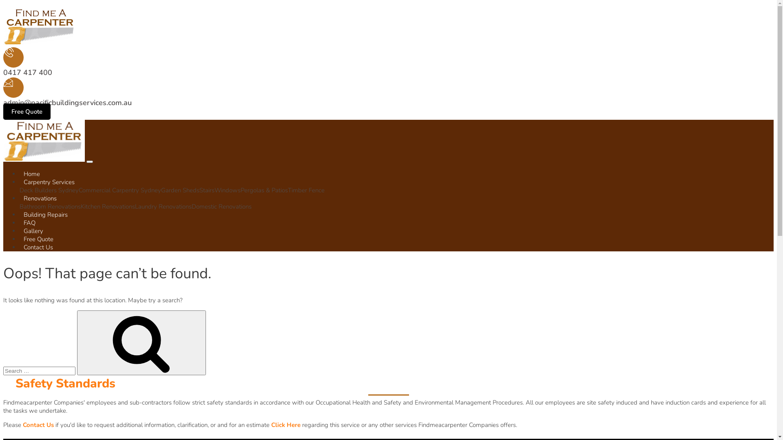 The image size is (783, 440). I want to click on 'Carpentry Services', so click(49, 182).